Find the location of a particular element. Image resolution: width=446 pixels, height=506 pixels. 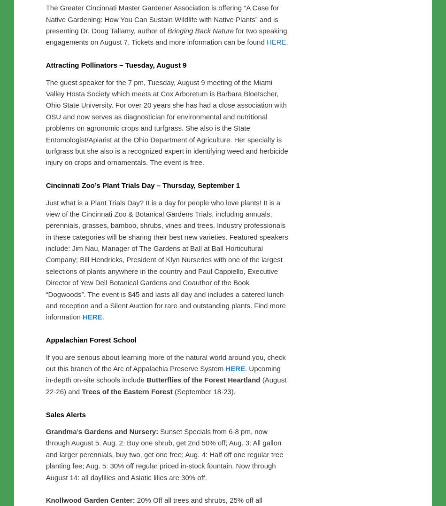

'Not slighting the men (after last post’s note on a Women’s Day event) Siebenthaler’s Nursery is offering a Men’s Morning, Saturday, August 6 from 8-9:30 am at the Centerville Garden Center ONLY. Men can enjoy breakfast cooked on the grill and hear helpful lawn tips from Len Dunaway of Green Velvet Sod Farm. Robert and Jeff Siebenthaler will discuss the latest Emerald Ash Borer news. This program is also free, but you need to make a reservation. Register by contacting Laurie Fanning at: lauriefanning@siebenthaler.com; 937-434-1326 or 937-427-4110.' is located at coordinates (165, 124).